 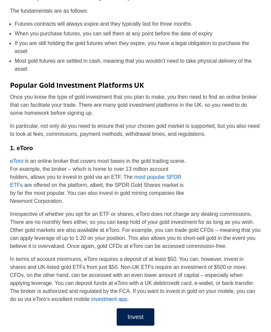 I want to click on 'In particular, not only do you need to ensure that your chosen gold market is supported, but you also need to look at fees, commissions, payment methods, withdrawal times, and regulations.', so click(x=134, y=129).